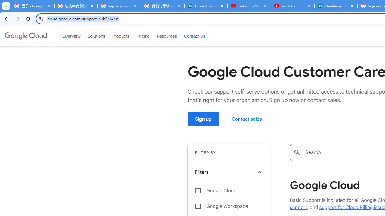  What do you see at coordinates (292, 6) in the screenshot?
I see `'YouTube'` at bounding box center [292, 6].